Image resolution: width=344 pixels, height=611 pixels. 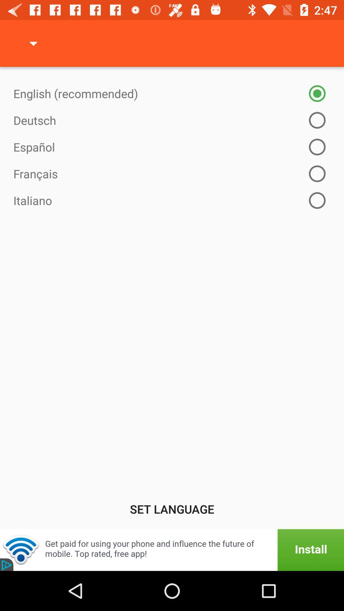 I want to click on the icon above the english (recommended) item, so click(x=33, y=43).